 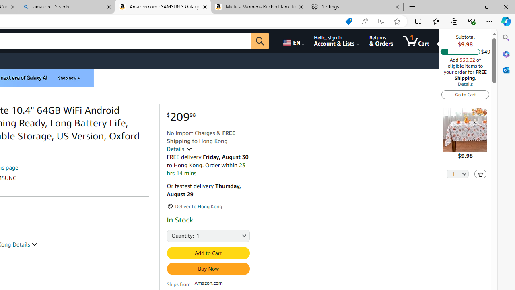 What do you see at coordinates (416, 41) in the screenshot?
I see `'1 item in cart'` at bounding box center [416, 41].